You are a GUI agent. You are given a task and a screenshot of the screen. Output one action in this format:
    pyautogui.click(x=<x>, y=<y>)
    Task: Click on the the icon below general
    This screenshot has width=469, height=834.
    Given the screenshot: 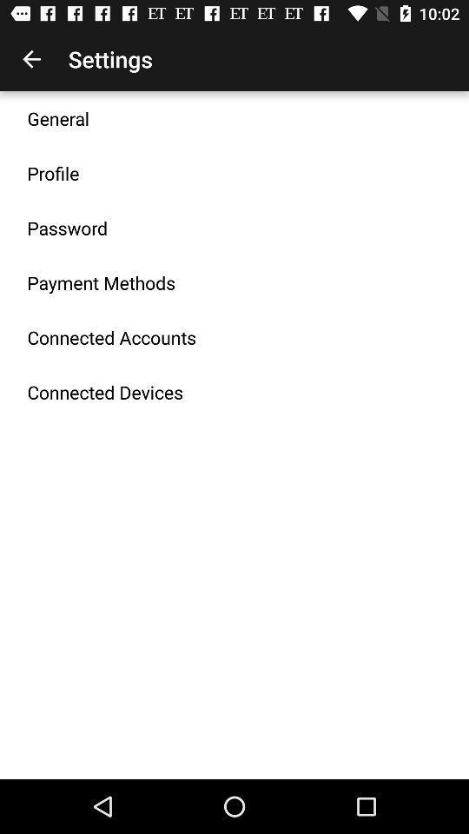 What is the action you would take?
    pyautogui.click(x=53, y=173)
    